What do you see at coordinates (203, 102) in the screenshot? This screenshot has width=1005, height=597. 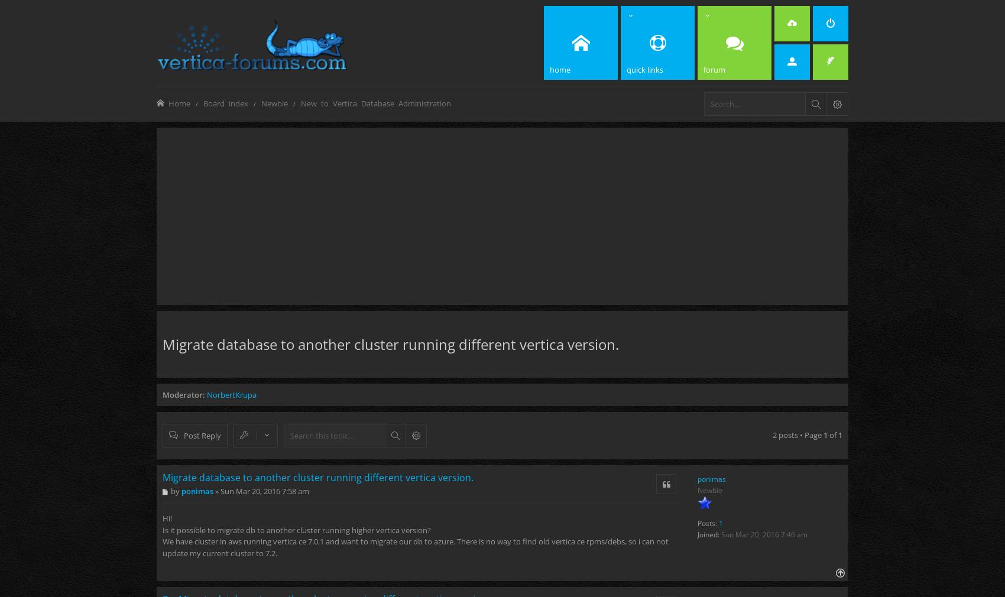 I see `'Board index'` at bounding box center [203, 102].